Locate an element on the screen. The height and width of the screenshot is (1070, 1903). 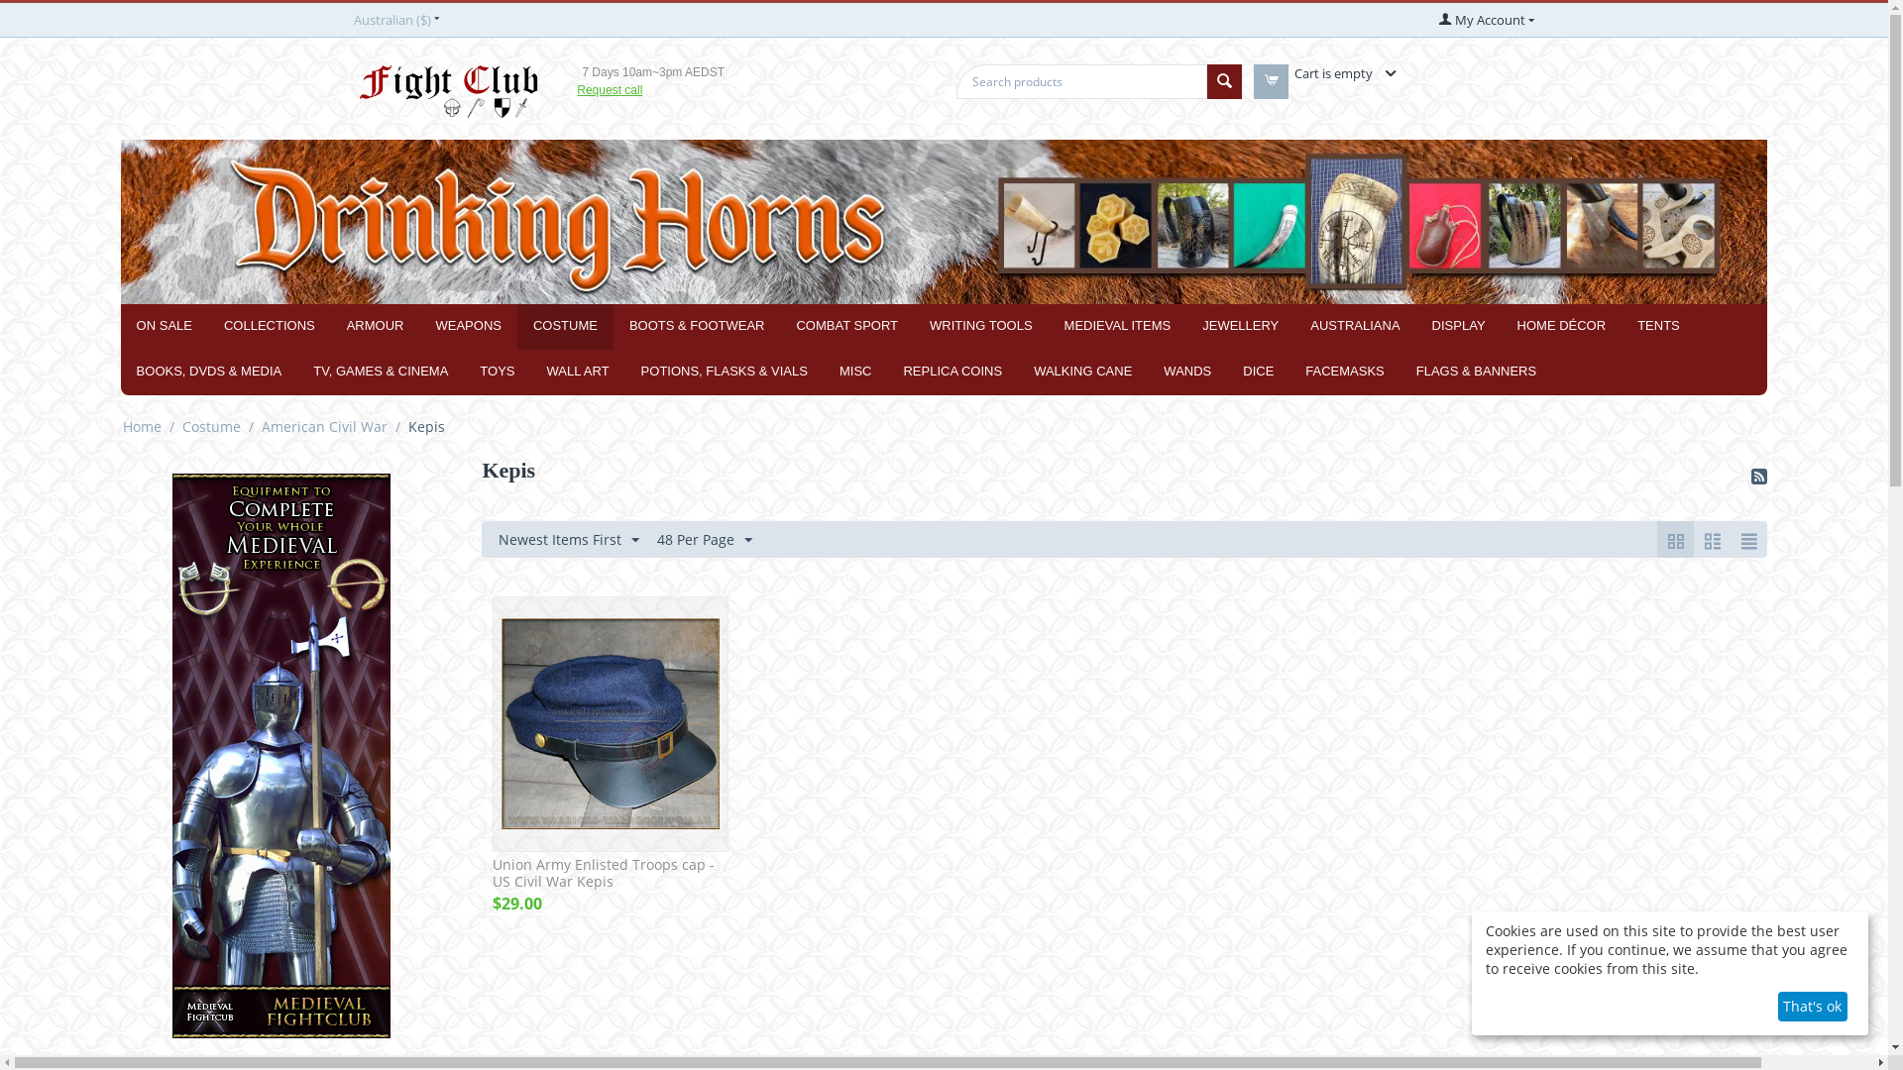
'AUSTRALIANA' is located at coordinates (1354, 326).